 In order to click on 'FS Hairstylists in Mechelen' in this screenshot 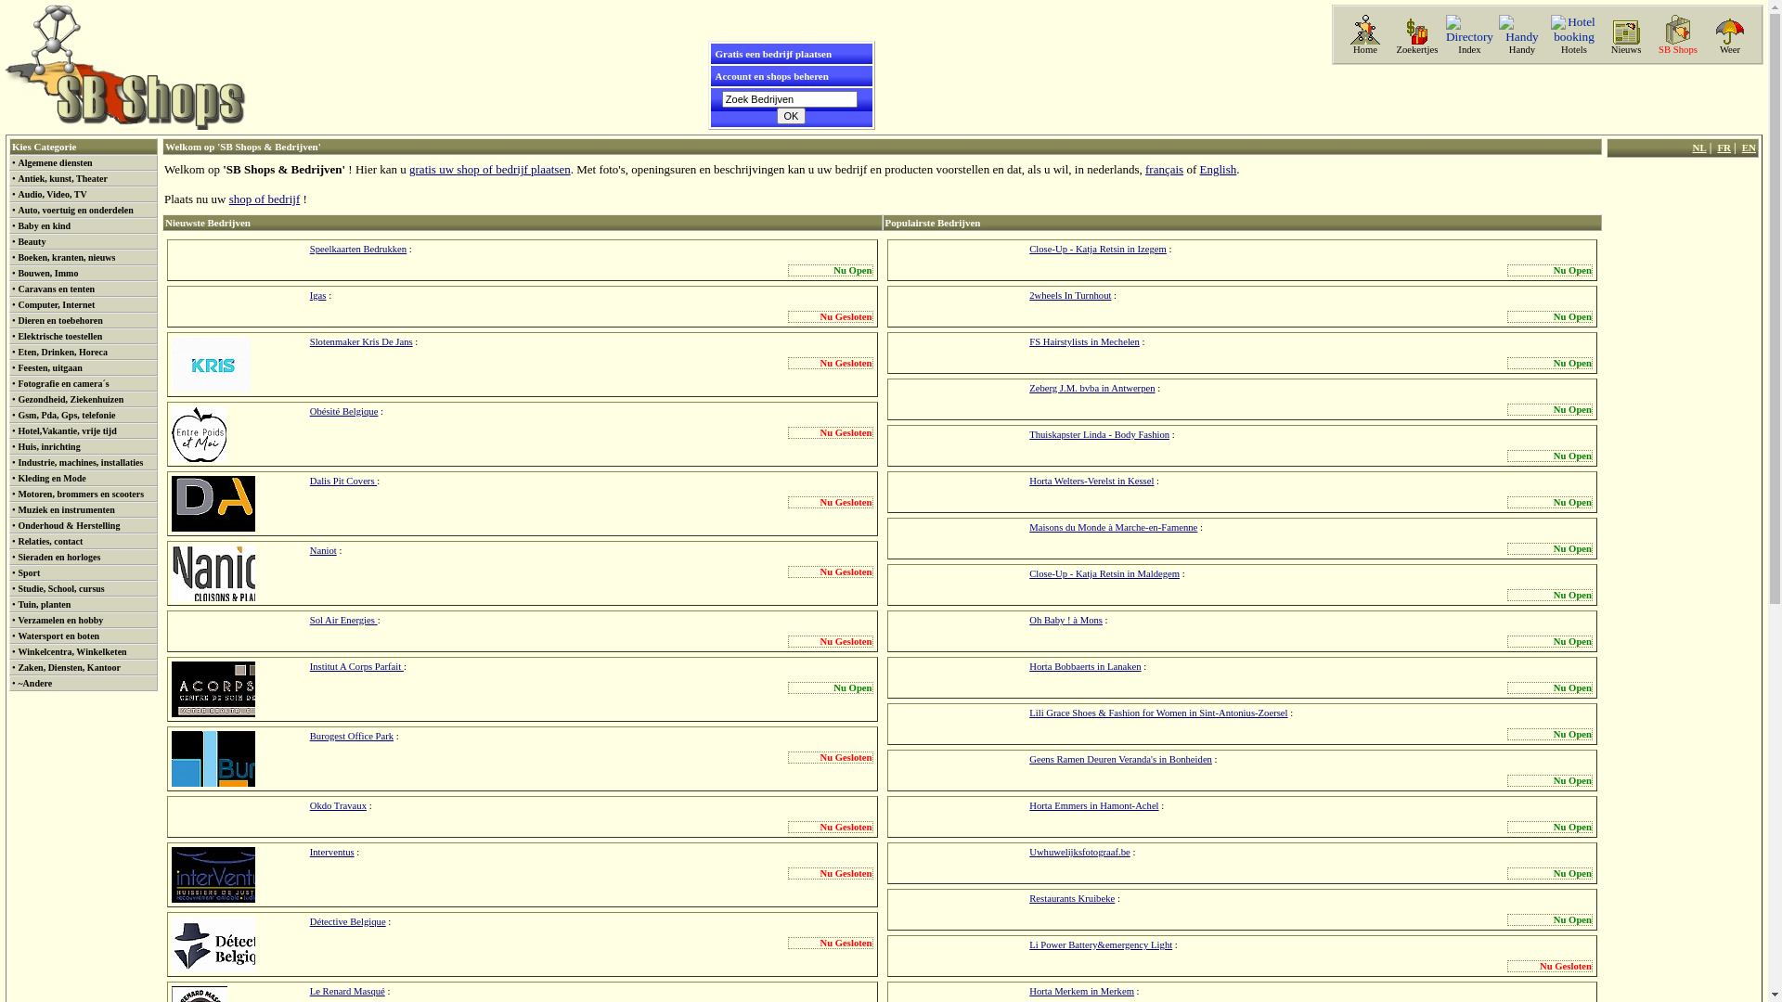, I will do `click(1084, 341)`.